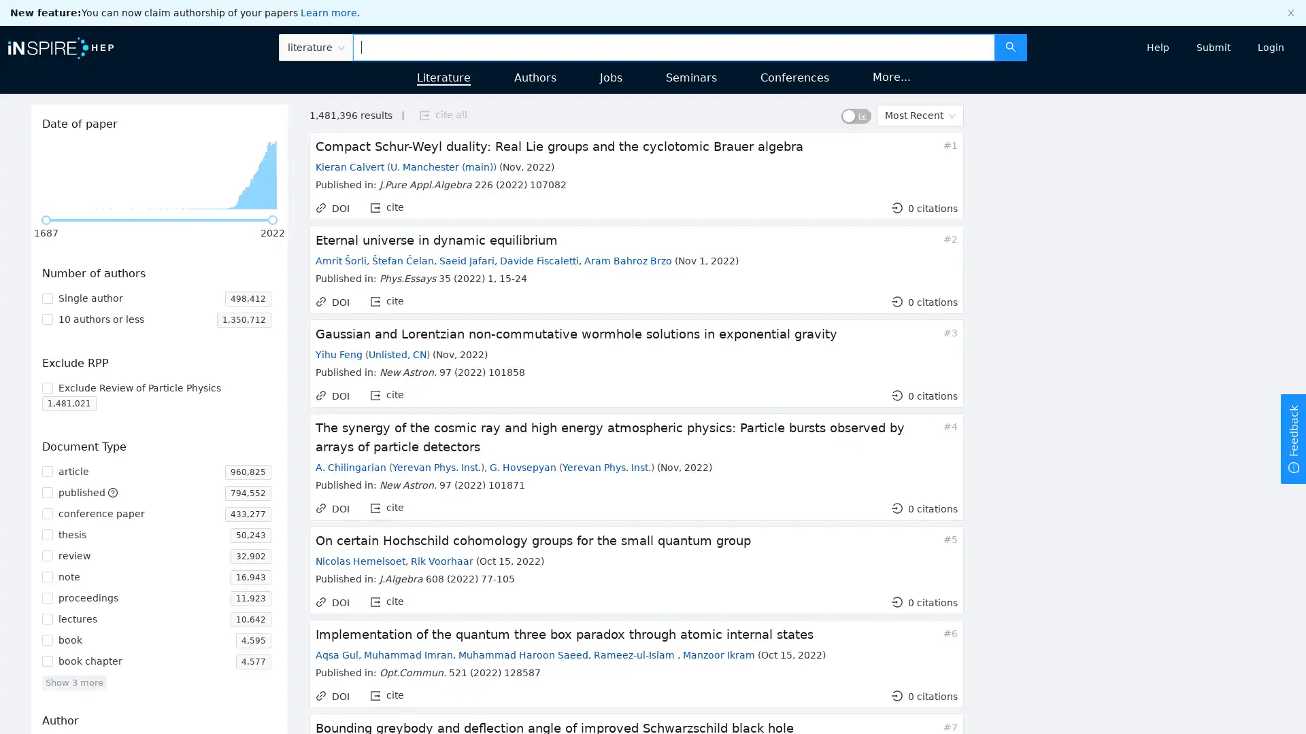 Image resolution: width=1306 pixels, height=734 pixels. Describe the element at coordinates (385, 300) in the screenshot. I see `export cite` at that location.